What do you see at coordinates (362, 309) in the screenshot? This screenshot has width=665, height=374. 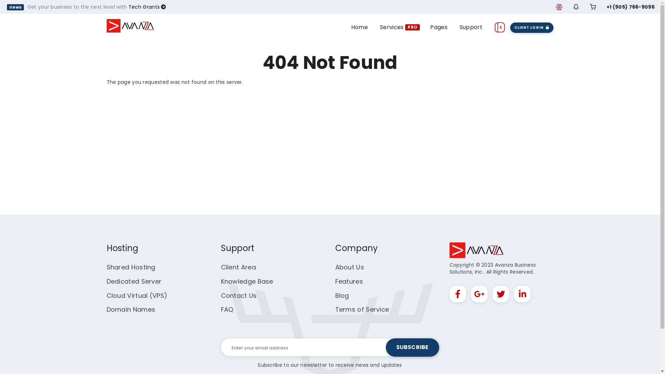 I see `'Terms of Service'` at bounding box center [362, 309].